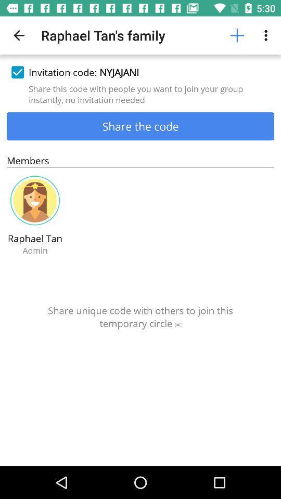 Image resolution: width=281 pixels, height=499 pixels. What do you see at coordinates (237, 35) in the screenshot?
I see `icon to the right of the raphael tan s item` at bounding box center [237, 35].